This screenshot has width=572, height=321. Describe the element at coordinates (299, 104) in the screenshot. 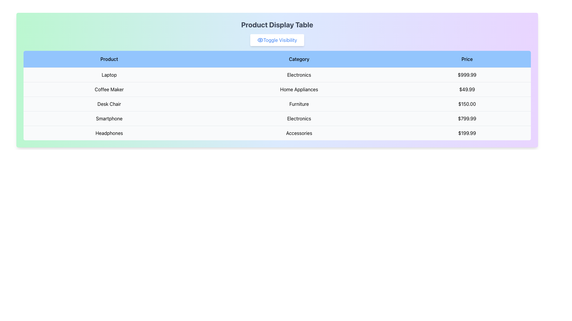

I see `the category label for the 'Desk Chair' in the tabular data interface, which is centrally positioned in the second column between 'Desk Chair' and '$150.00'` at that location.